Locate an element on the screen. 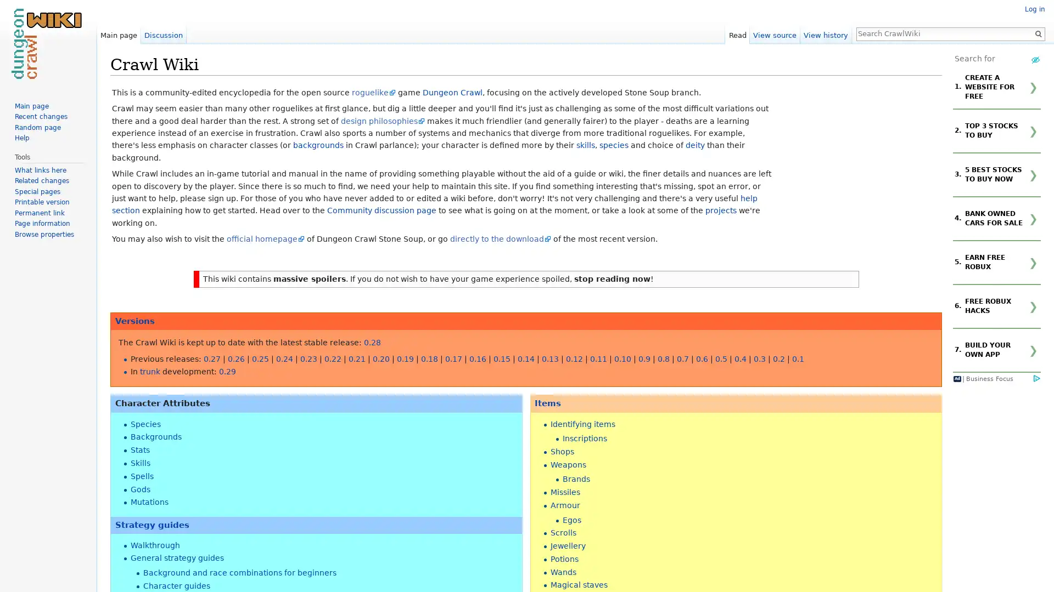 This screenshot has width=1054, height=592. Go is located at coordinates (1038, 33).